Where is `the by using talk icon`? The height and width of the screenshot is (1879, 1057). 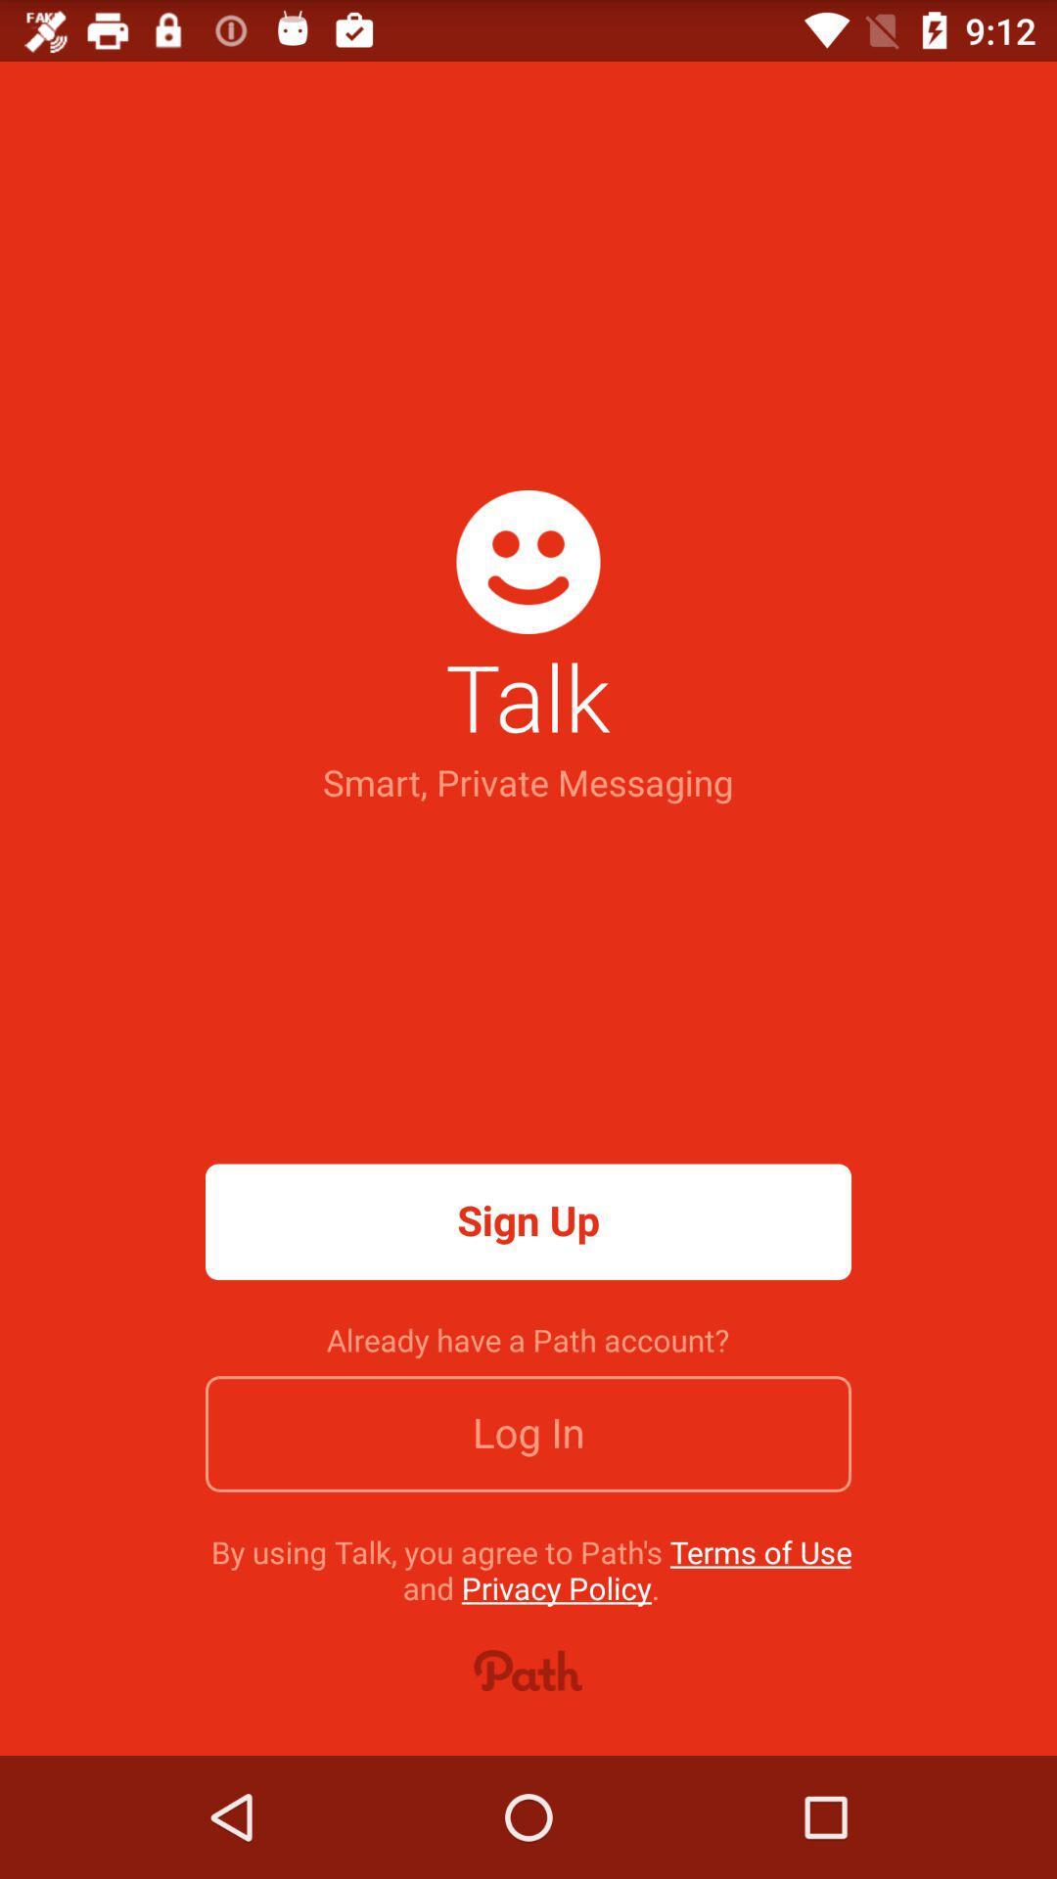 the by using talk icon is located at coordinates (531, 1570).